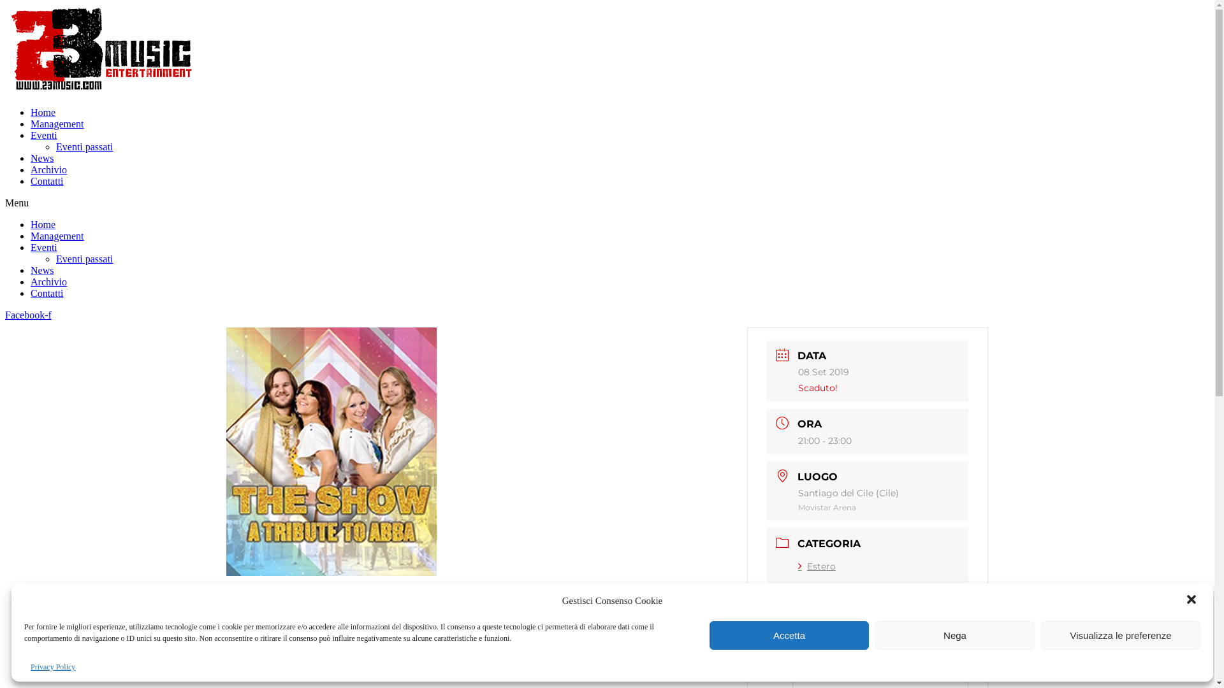  What do you see at coordinates (43, 247) in the screenshot?
I see `'Eventi'` at bounding box center [43, 247].